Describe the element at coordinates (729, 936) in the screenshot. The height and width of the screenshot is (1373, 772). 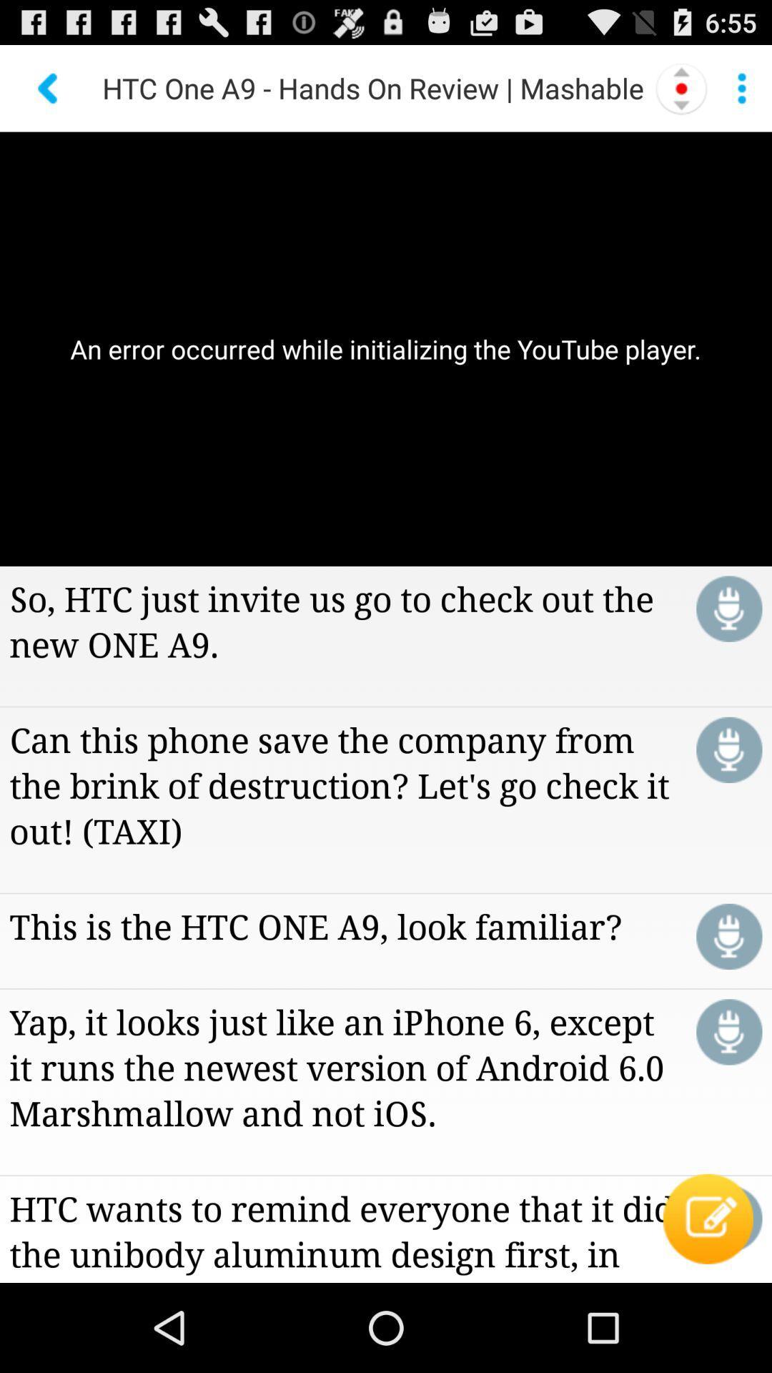
I see `click for voice activation` at that location.